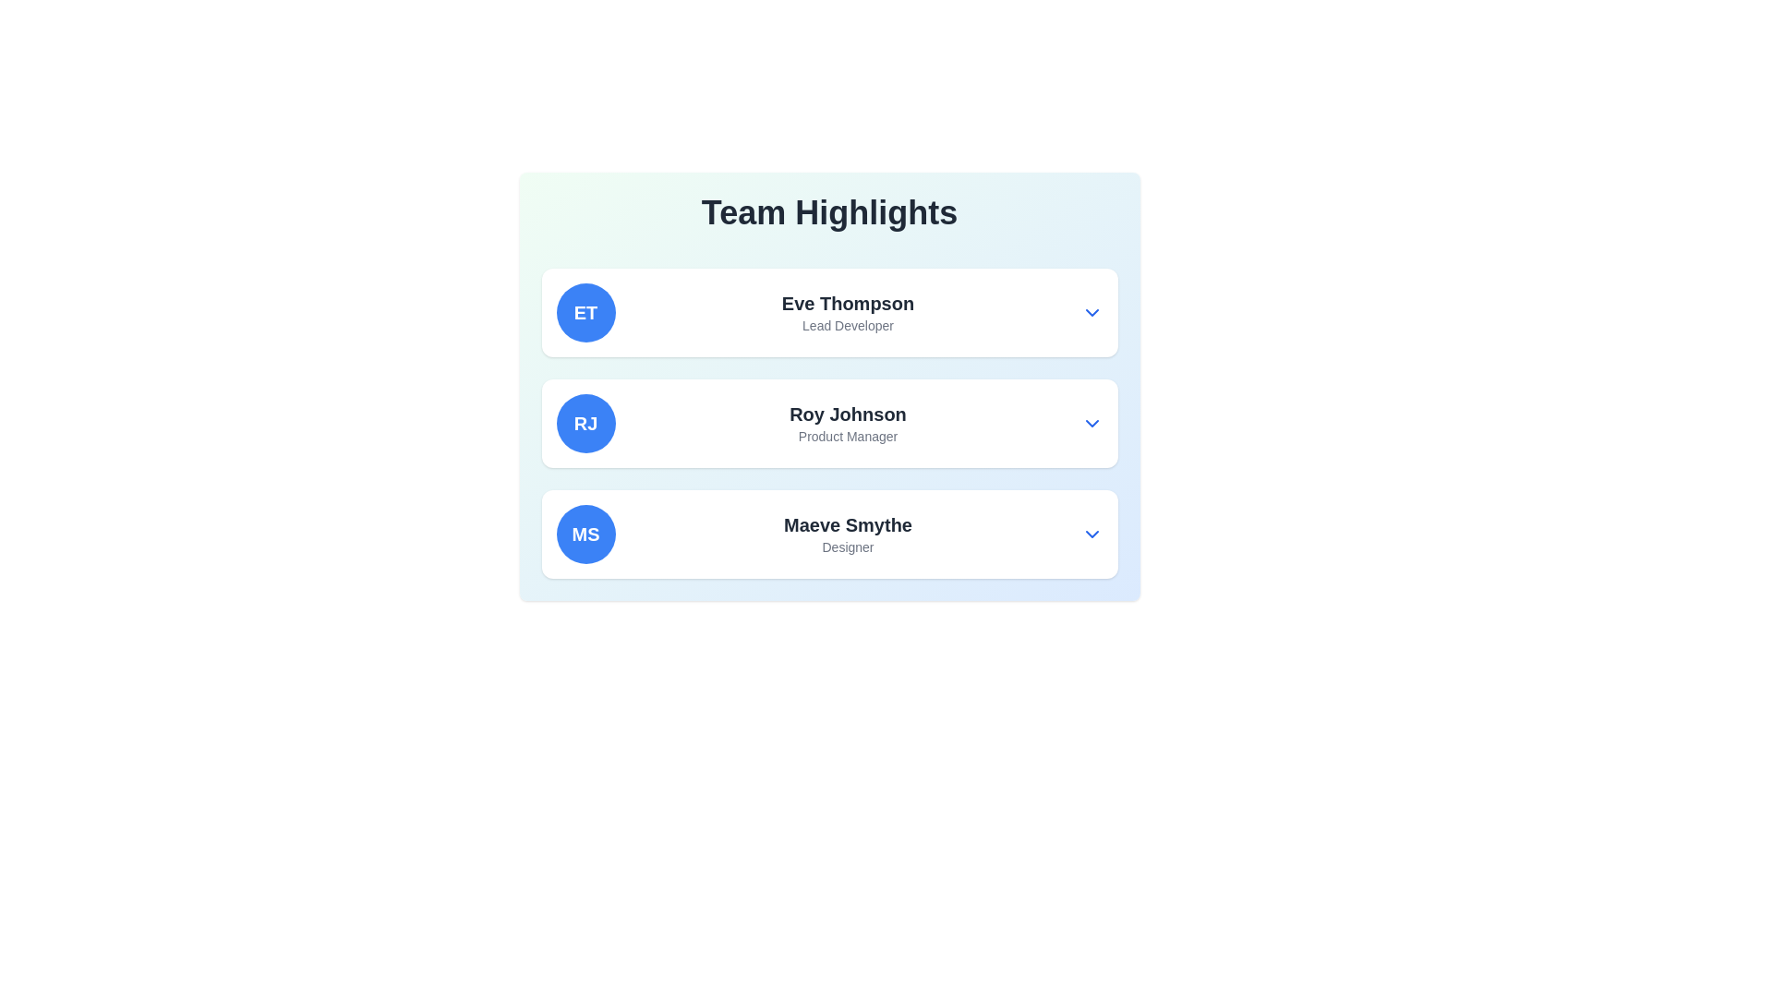 The height and width of the screenshot is (997, 1773). Describe the element at coordinates (847, 302) in the screenshot. I see `the text label displaying 'Eve Thompson', which is a large, bold title positioned above the text 'Lead Developer' in the first item of a vertical list` at that location.